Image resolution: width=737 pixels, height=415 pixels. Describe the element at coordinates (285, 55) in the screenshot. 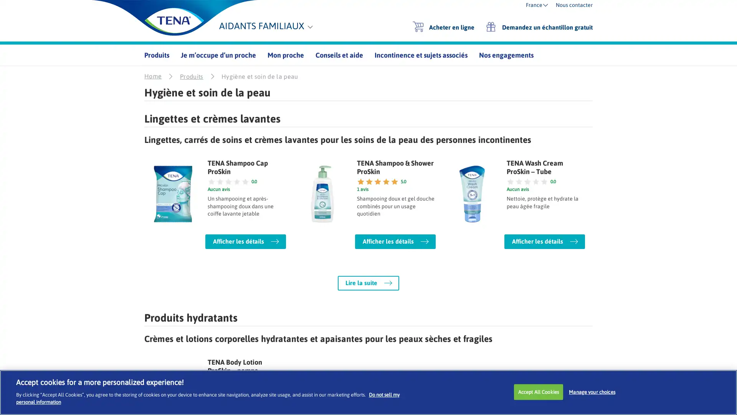

I see `Mon proche` at that location.